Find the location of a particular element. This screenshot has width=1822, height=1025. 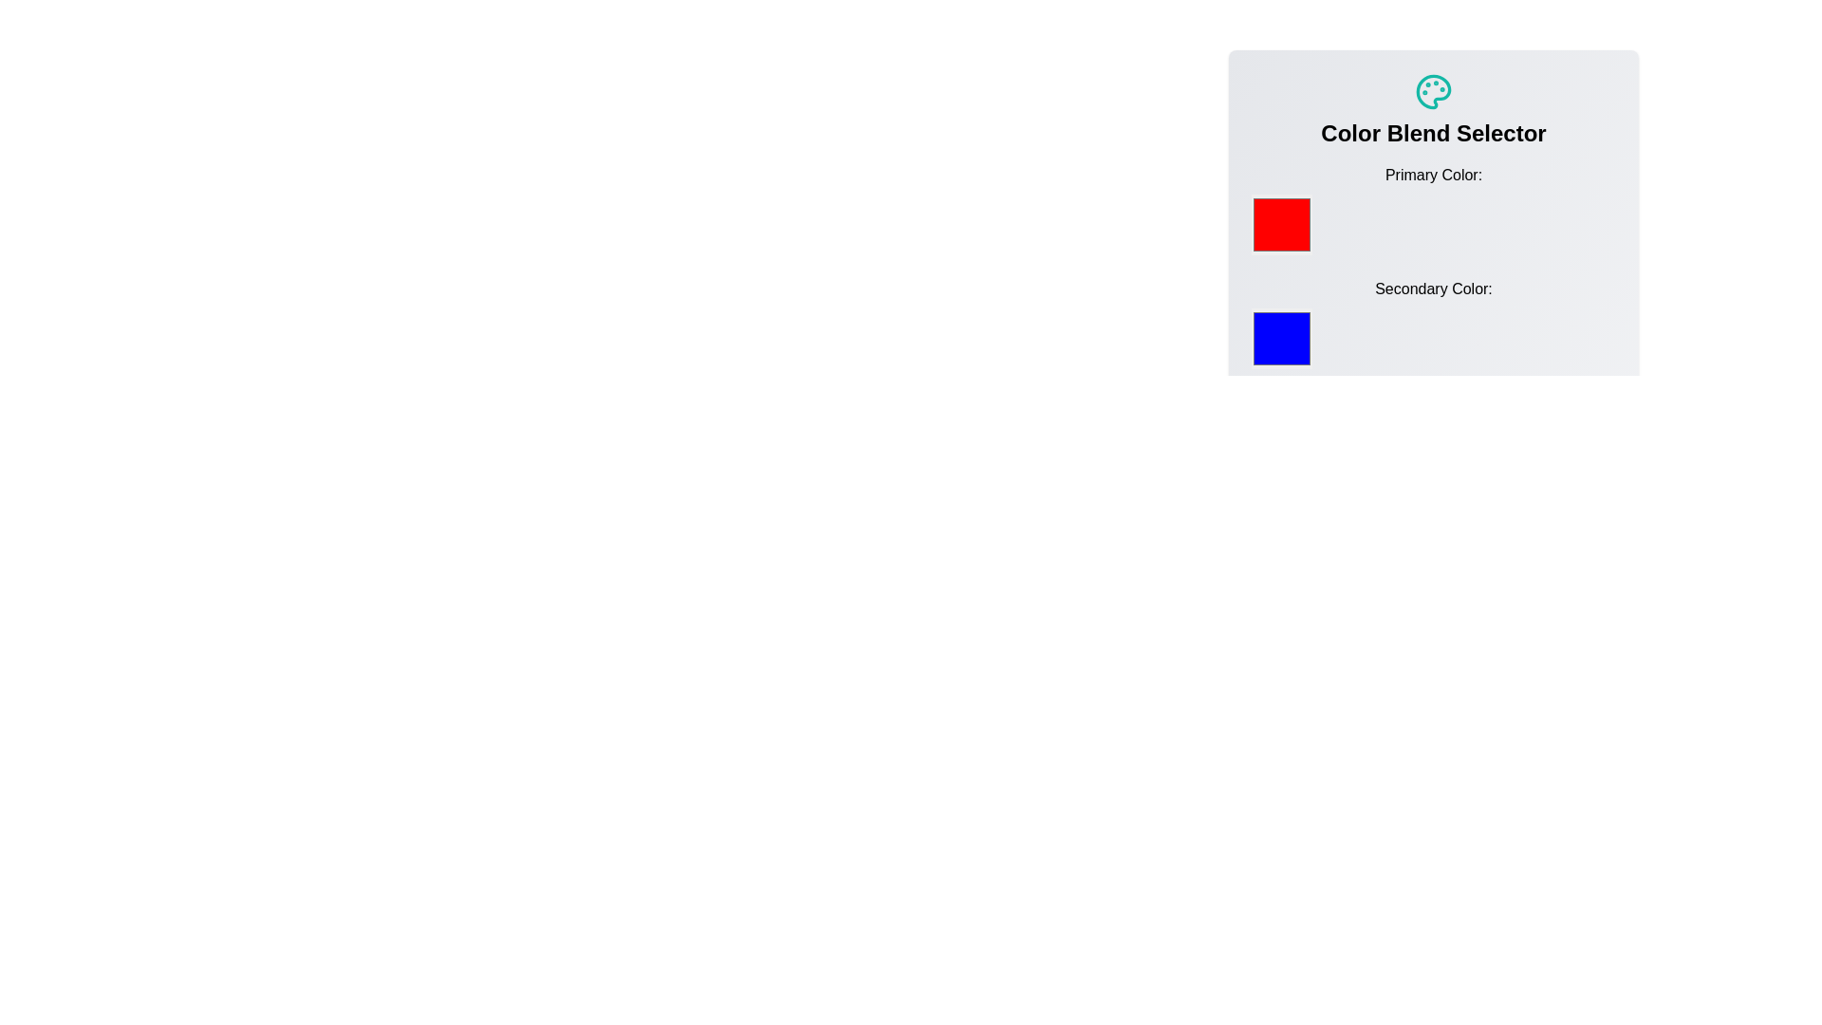

the text label displaying 'Primary Color:' which is positioned above the red color selection square is located at coordinates (1434, 176).